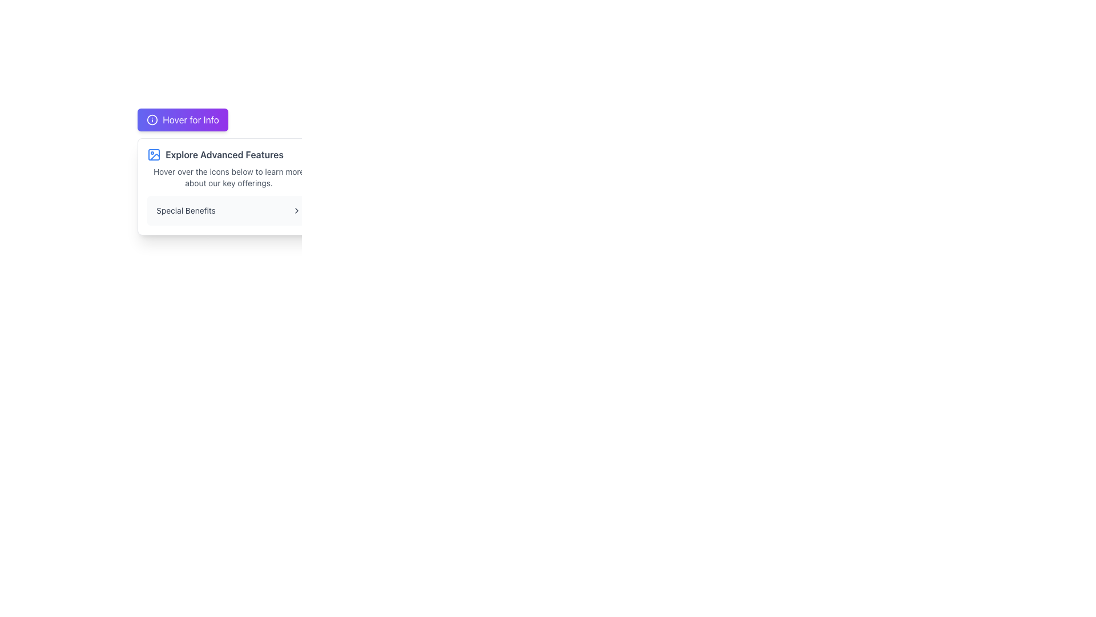  I want to click on the SVG Circle element that serves as part of an info icon, centered at the coordinates 267.125, 210, so click(152, 119).